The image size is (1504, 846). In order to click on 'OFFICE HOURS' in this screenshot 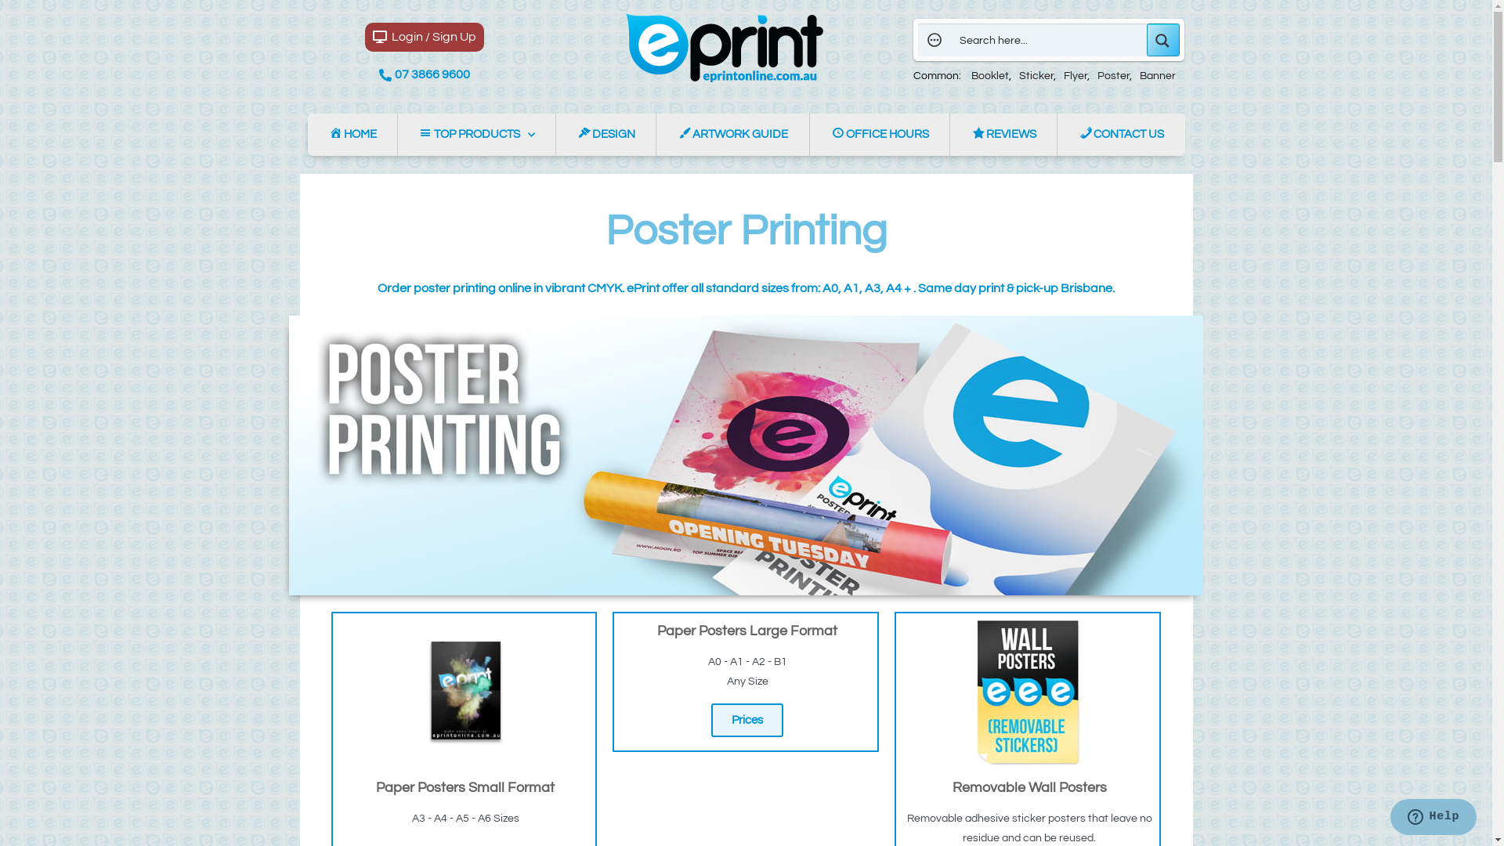, I will do `click(809, 134)`.